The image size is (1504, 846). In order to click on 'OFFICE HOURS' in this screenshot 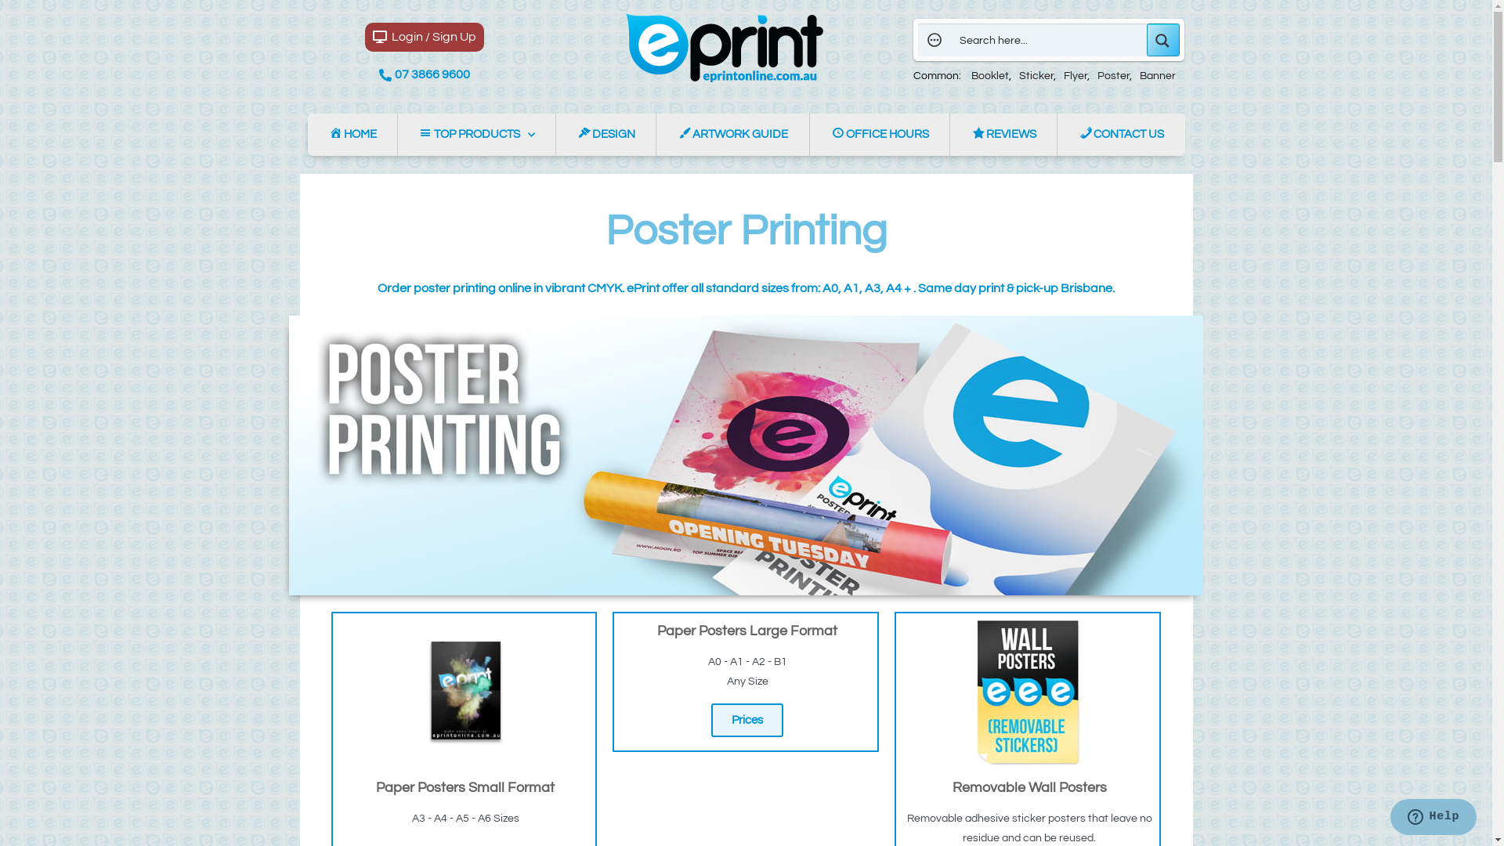, I will do `click(809, 134)`.